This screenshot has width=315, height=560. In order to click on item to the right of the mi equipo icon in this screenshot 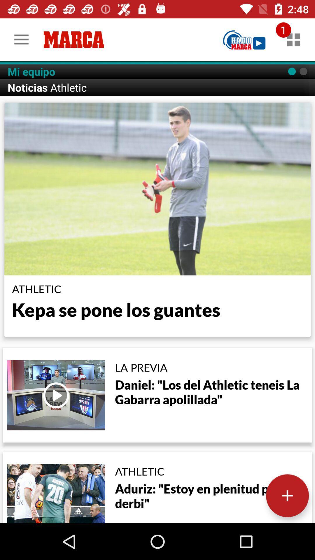, I will do `click(244, 39)`.